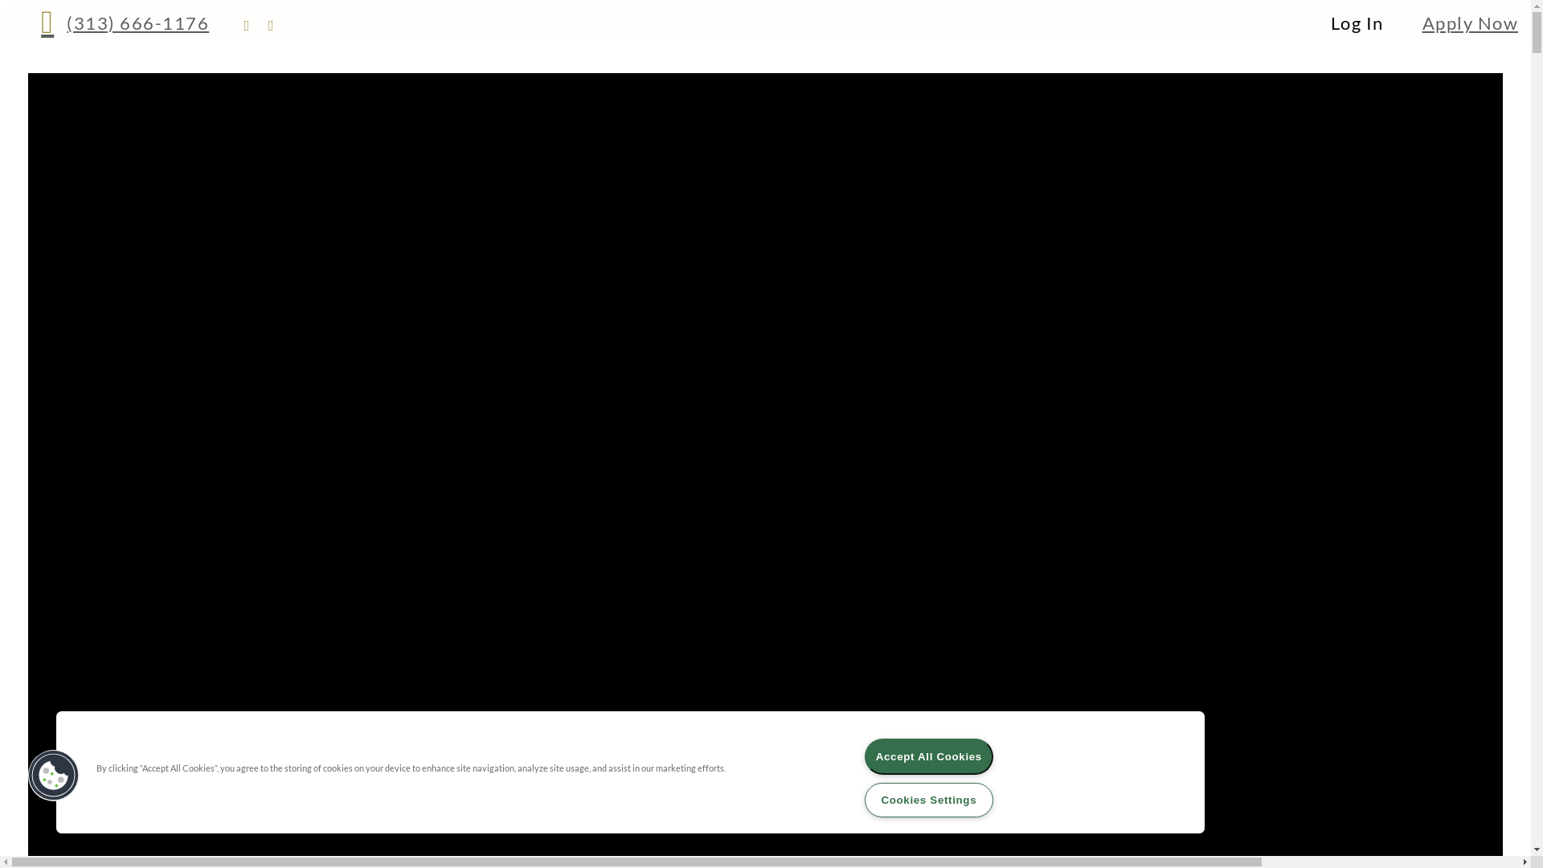  I want to click on 'Log In', so click(1357, 22).